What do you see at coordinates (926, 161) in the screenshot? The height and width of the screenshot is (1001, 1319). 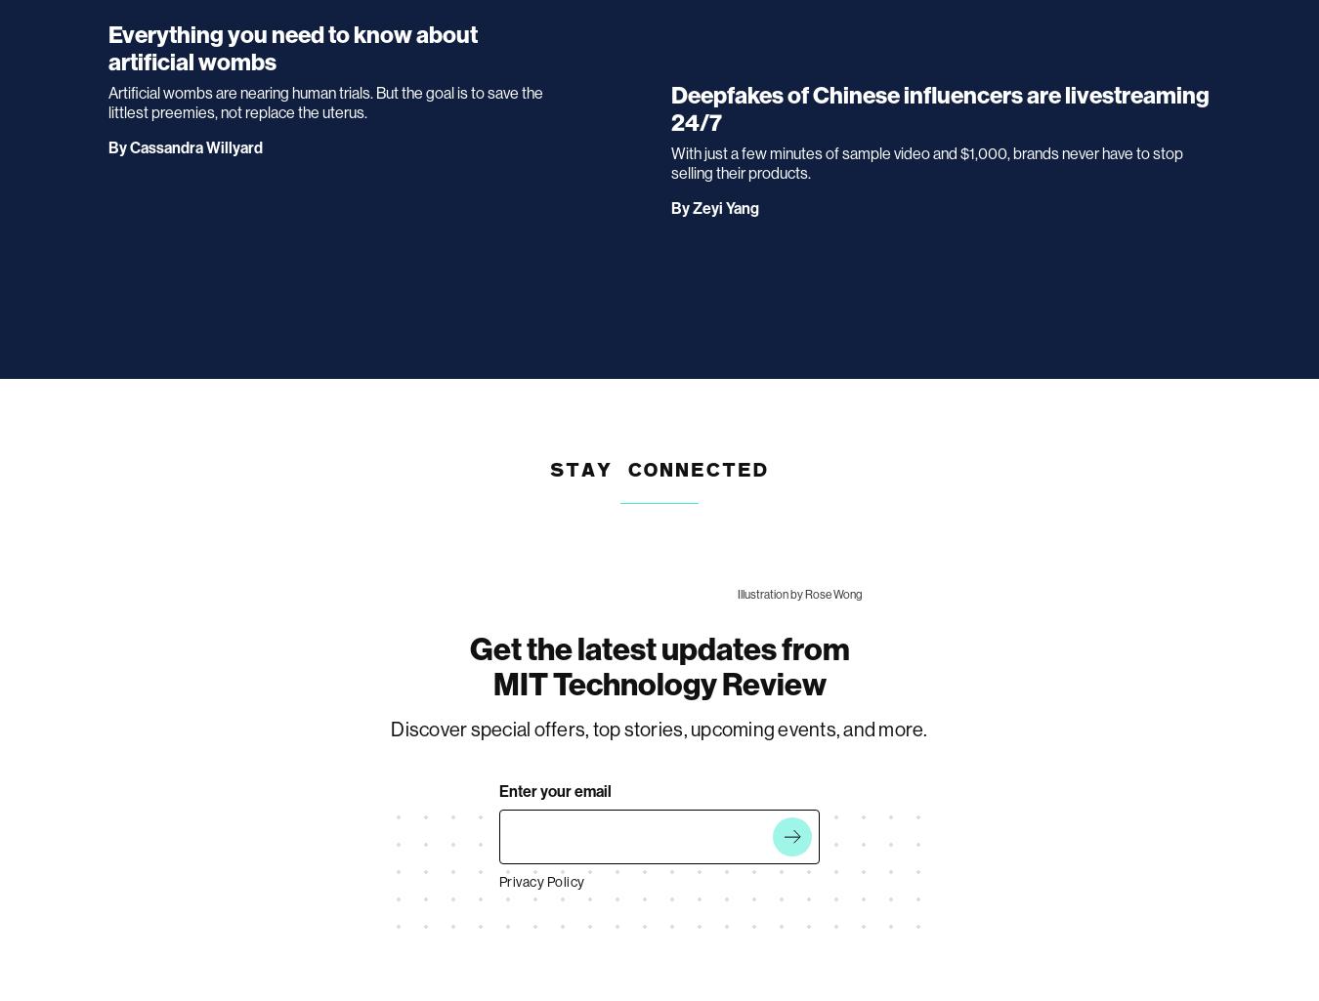 I see `'With just a few minutes of sample video and $1,000, brands never have to stop selling their products.'` at bounding box center [926, 161].